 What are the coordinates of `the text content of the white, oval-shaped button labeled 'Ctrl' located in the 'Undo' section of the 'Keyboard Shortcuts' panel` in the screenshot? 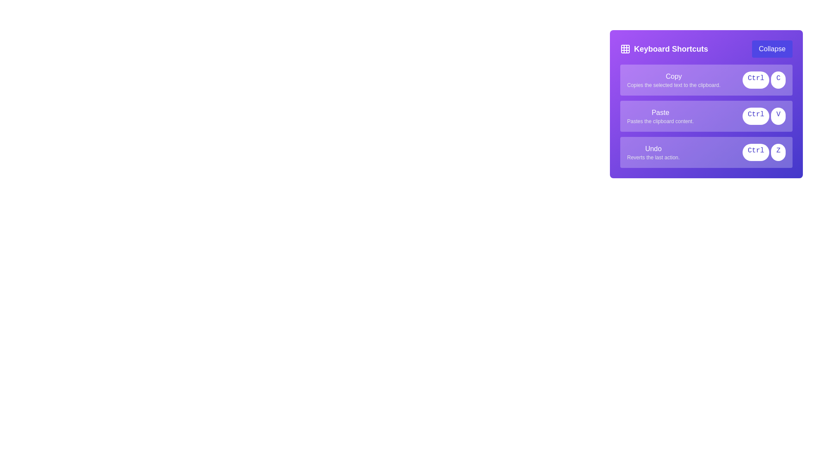 It's located at (755, 152).